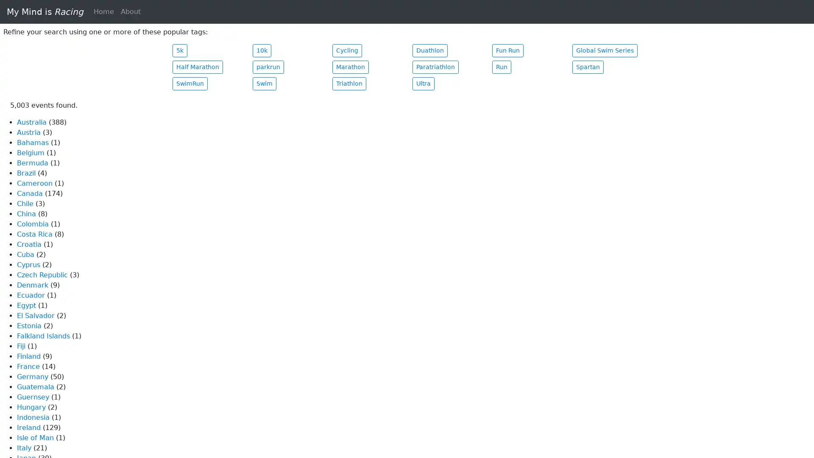 The height and width of the screenshot is (458, 814). What do you see at coordinates (347, 50) in the screenshot?
I see `Cycling` at bounding box center [347, 50].